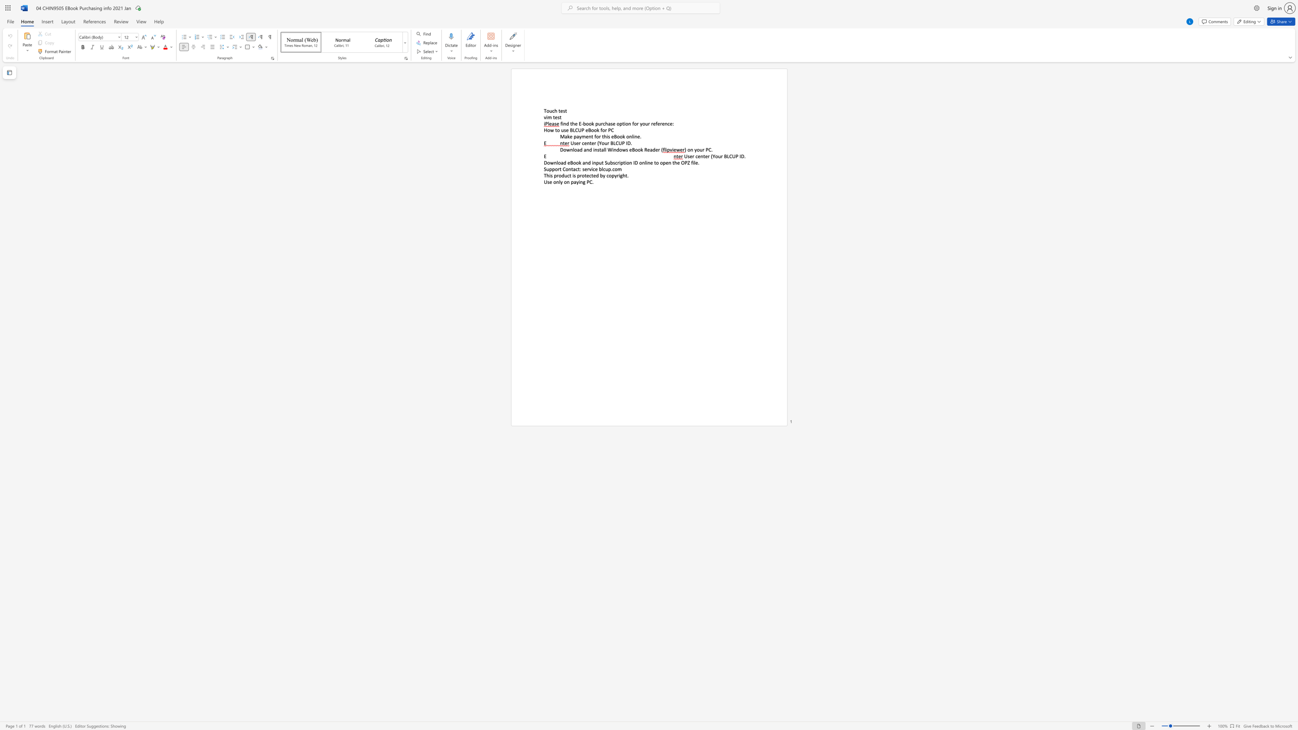 The image size is (1298, 730). What do you see at coordinates (546, 110) in the screenshot?
I see `the subset text "ou" within the text "Touch test"` at bounding box center [546, 110].